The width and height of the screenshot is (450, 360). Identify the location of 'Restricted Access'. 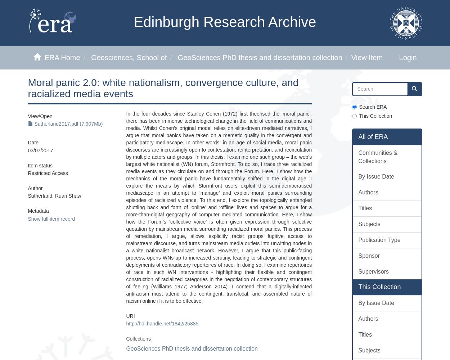
(27, 172).